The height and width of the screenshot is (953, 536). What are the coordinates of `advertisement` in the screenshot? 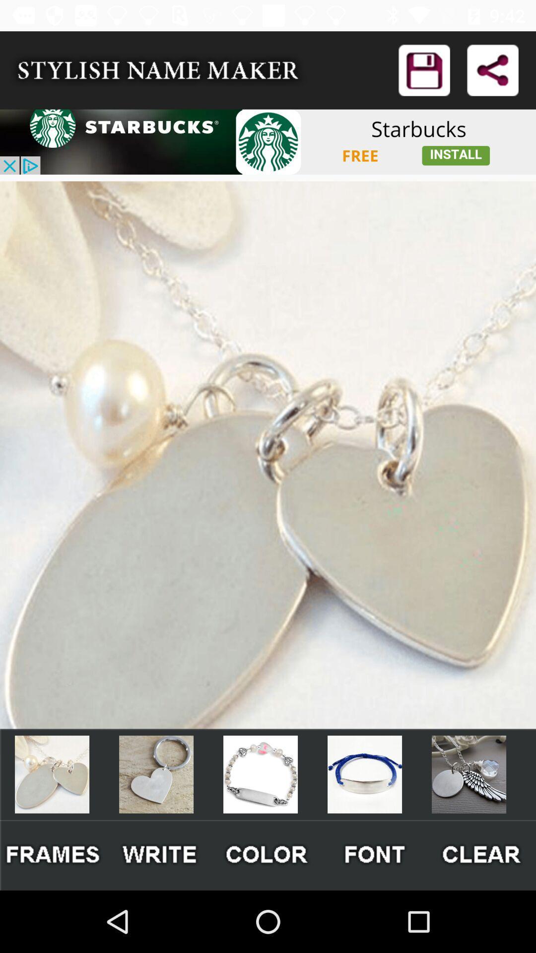 It's located at (268, 141).